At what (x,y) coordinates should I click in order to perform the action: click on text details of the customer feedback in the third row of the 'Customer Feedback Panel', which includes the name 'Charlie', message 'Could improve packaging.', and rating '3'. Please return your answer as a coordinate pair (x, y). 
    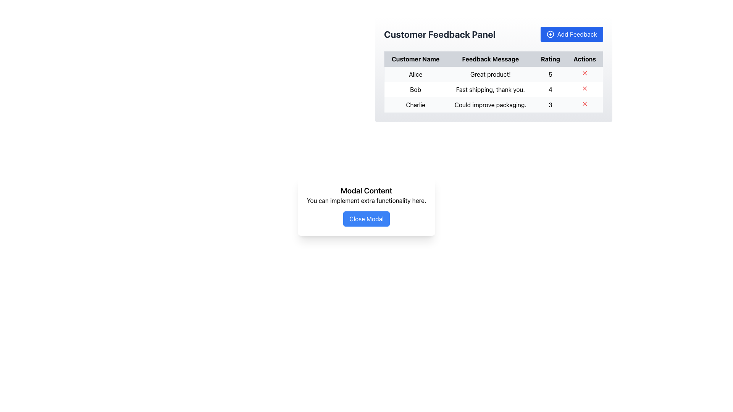
    Looking at the image, I should click on (493, 105).